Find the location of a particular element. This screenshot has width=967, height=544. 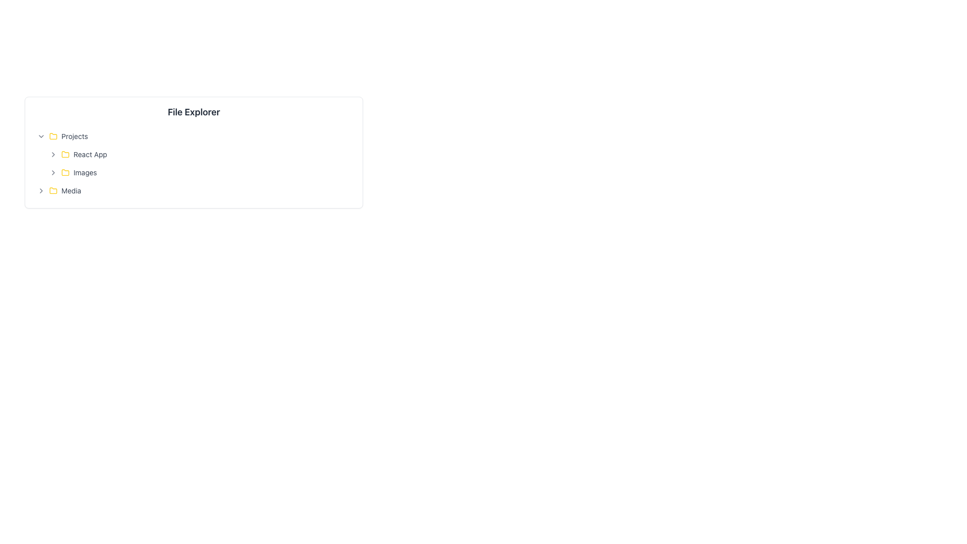

the yellow folder icon in the 'Projects' group, which represents a collection of items in a file explorer context is located at coordinates (52, 136).